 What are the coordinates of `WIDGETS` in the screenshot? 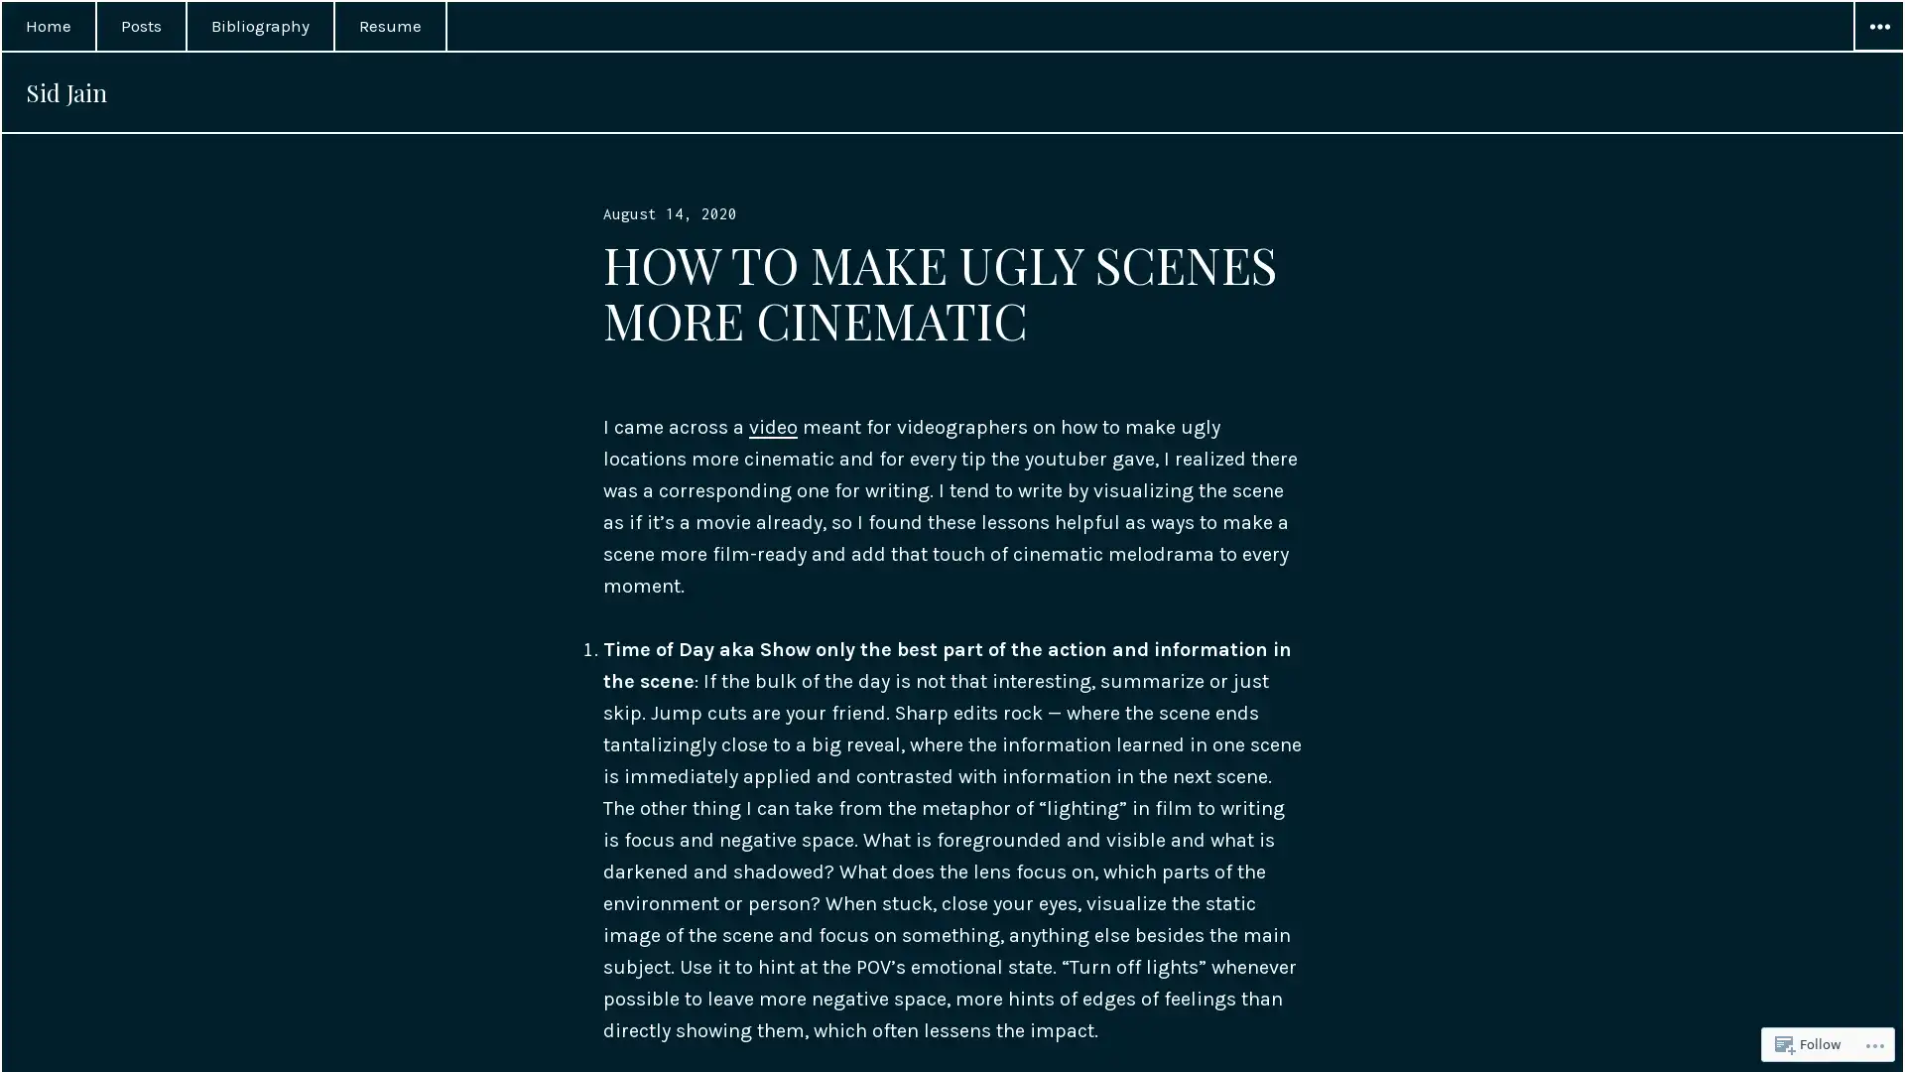 It's located at (1876, 27).